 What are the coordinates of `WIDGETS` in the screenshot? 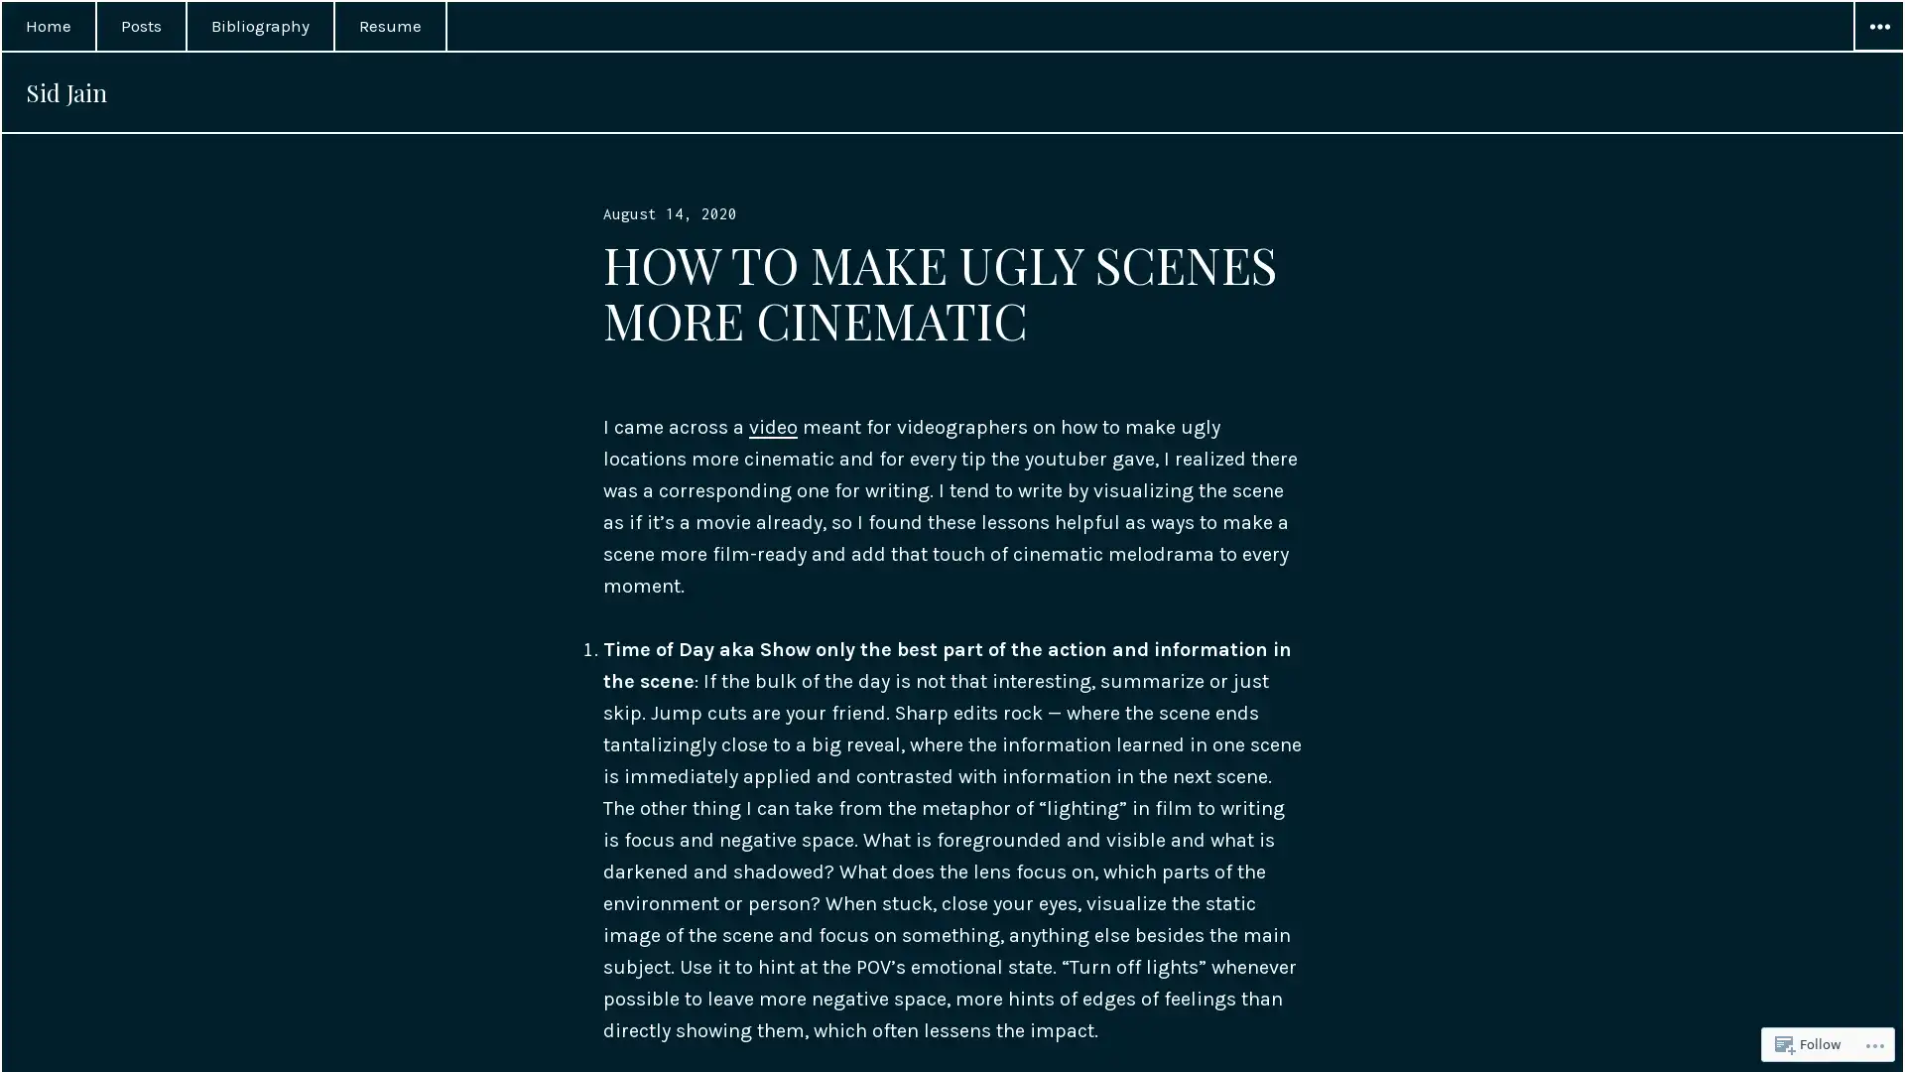 It's located at (1876, 27).